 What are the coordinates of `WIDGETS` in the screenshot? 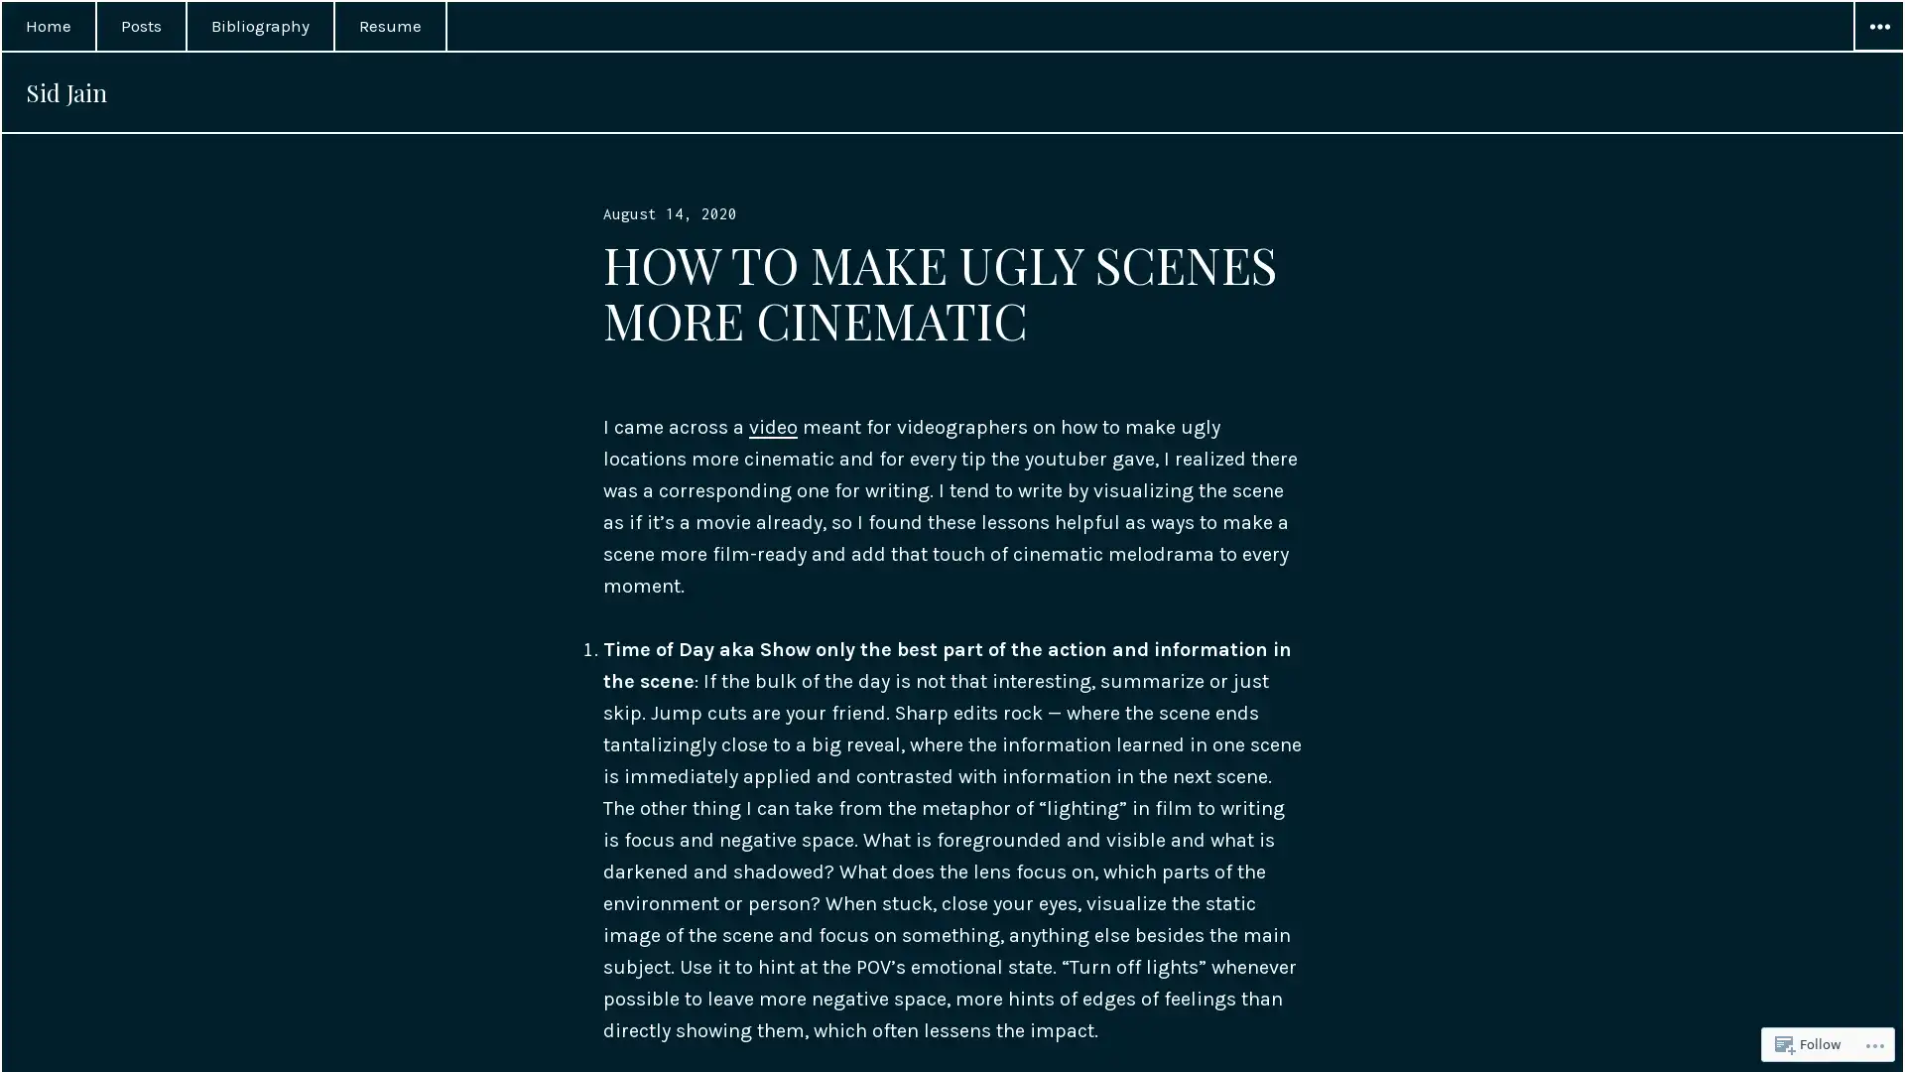 It's located at (1876, 27).